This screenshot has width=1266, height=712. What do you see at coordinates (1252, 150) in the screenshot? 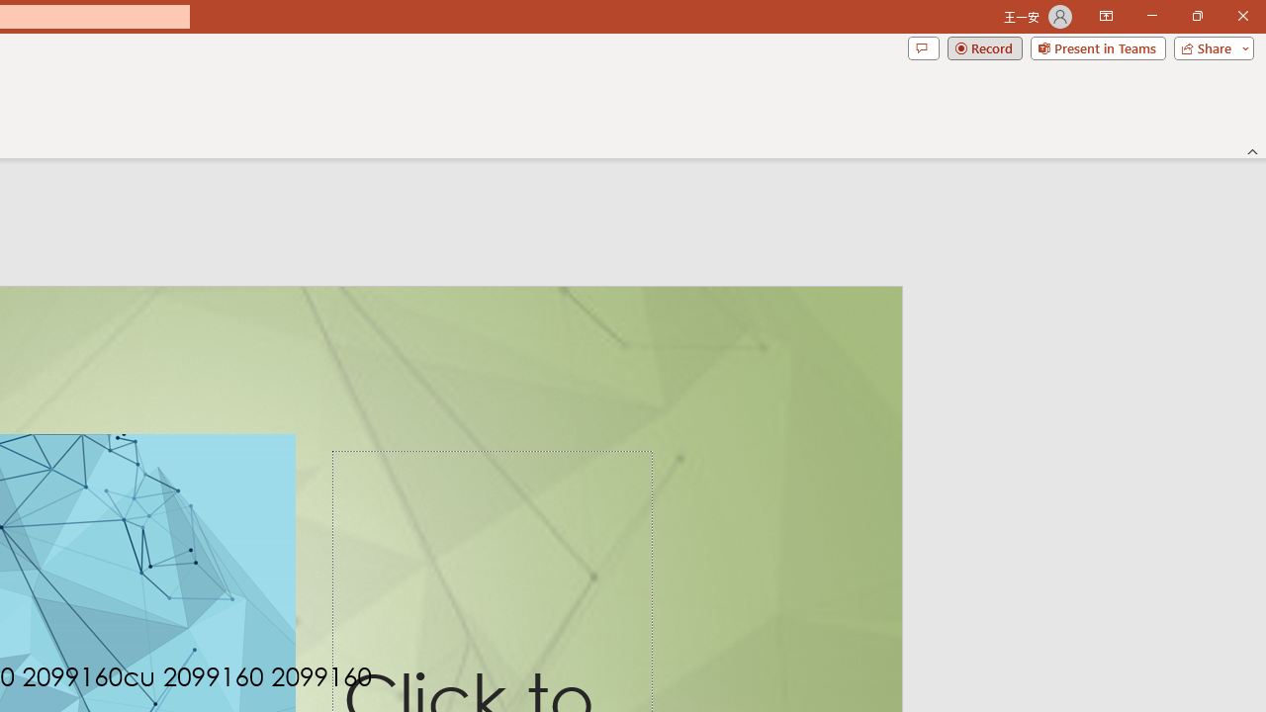
I see `'Collapse the Ribbon'` at bounding box center [1252, 150].